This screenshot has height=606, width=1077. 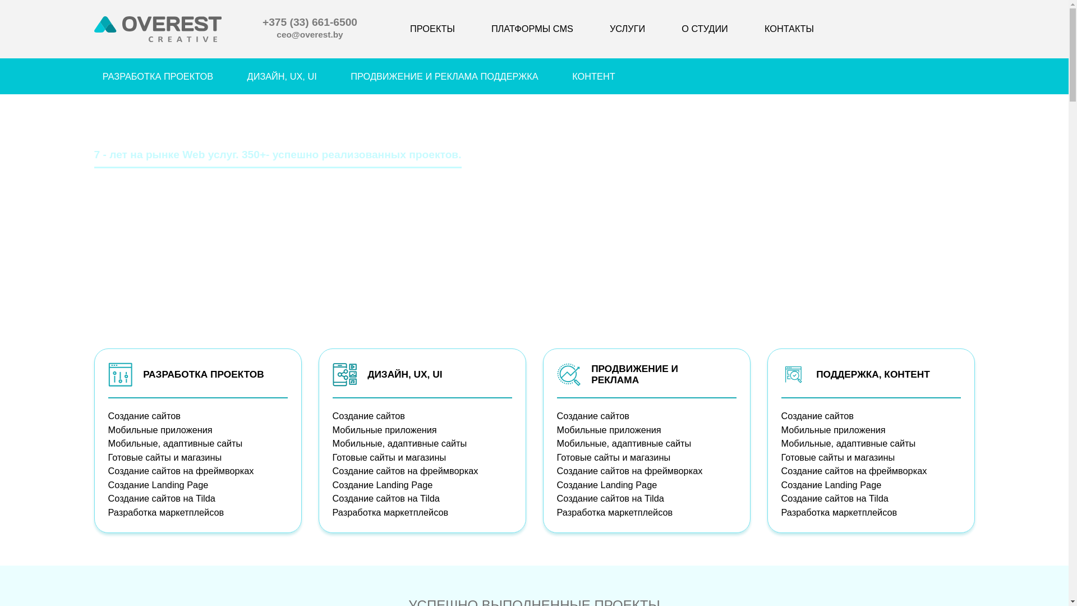 What do you see at coordinates (310, 24) in the screenshot?
I see `'+375 (33) 661-6500'` at bounding box center [310, 24].